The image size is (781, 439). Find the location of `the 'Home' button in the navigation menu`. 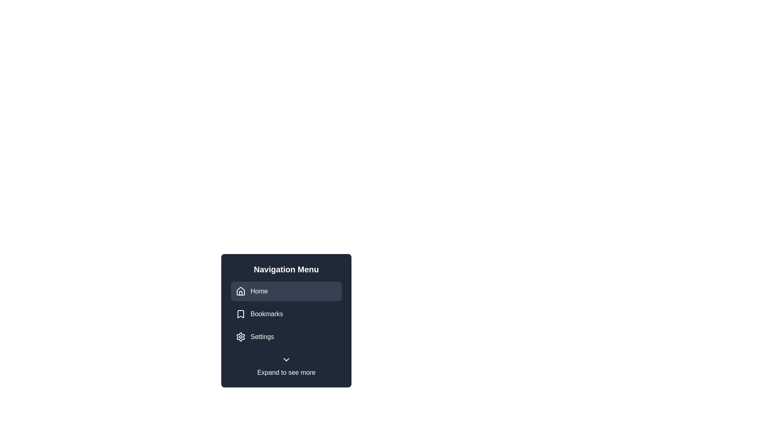

the 'Home' button in the navigation menu is located at coordinates (286, 291).